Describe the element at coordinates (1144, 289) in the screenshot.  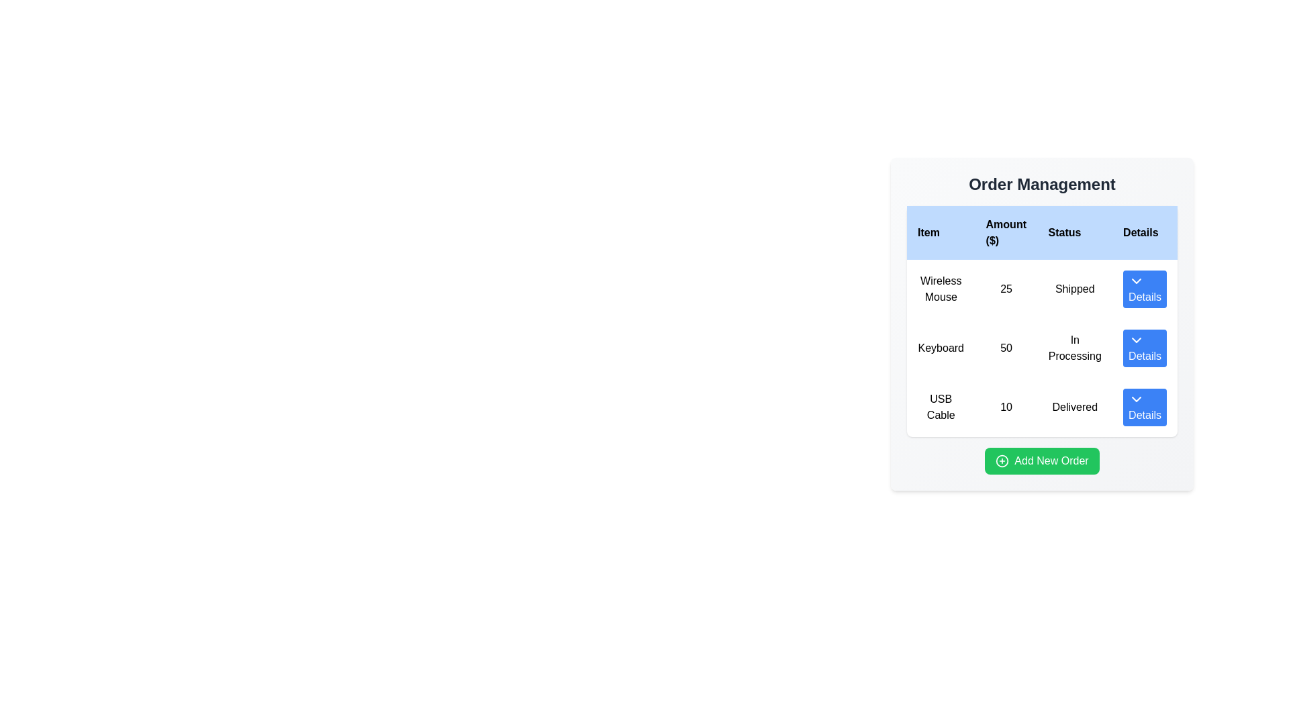
I see `the blue 'Details' button with a chevron icon` at that location.